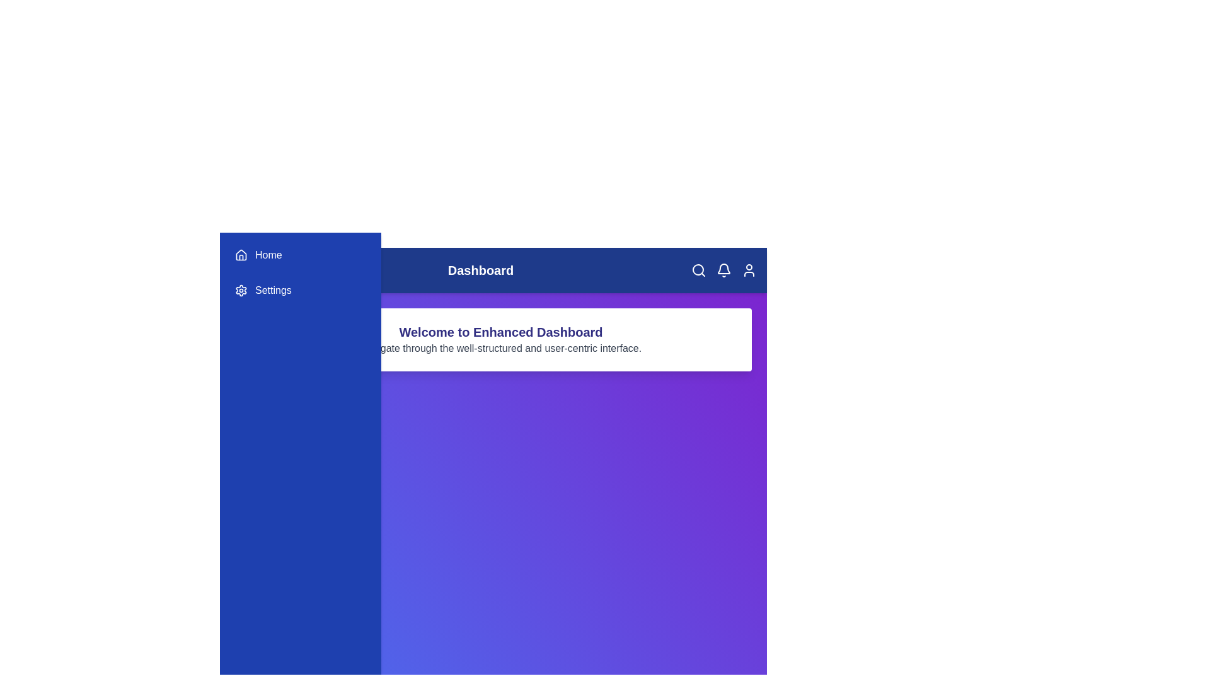 Image resolution: width=1210 pixels, height=681 pixels. What do you see at coordinates (268, 255) in the screenshot?
I see `the 'Home' menu item in the sidebar to navigate to the 'Home' section` at bounding box center [268, 255].